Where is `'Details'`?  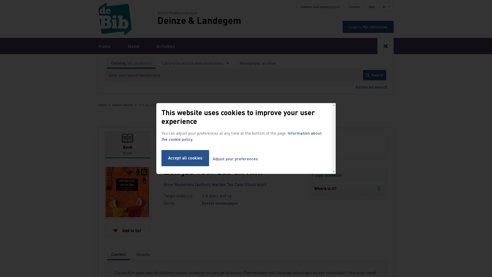
'Details' is located at coordinates (143, 254).